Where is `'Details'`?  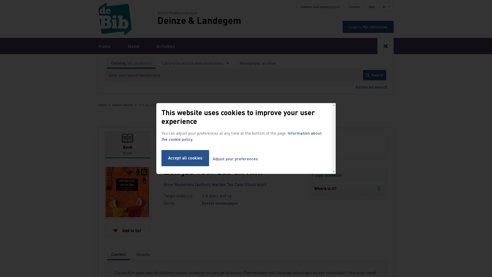
'Details' is located at coordinates (143, 254).